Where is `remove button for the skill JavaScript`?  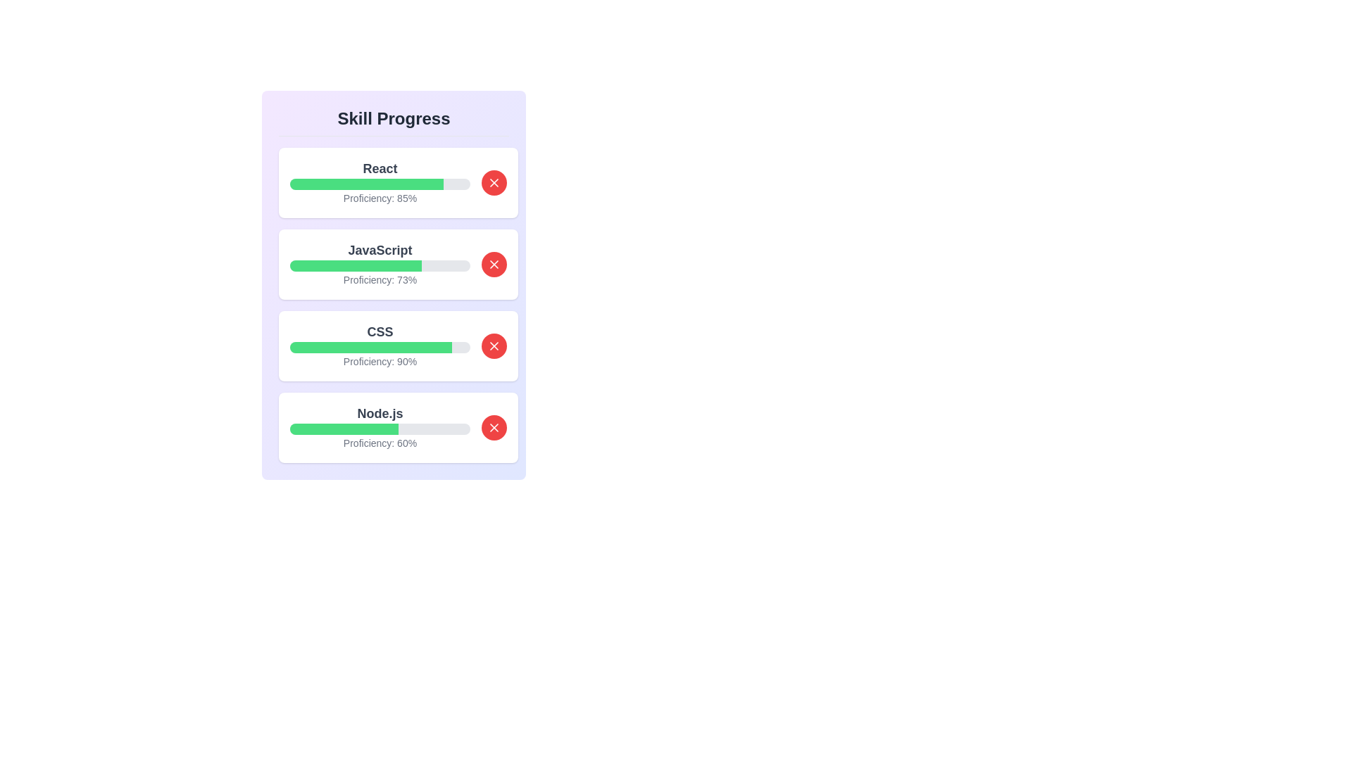
remove button for the skill JavaScript is located at coordinates (494, 264).